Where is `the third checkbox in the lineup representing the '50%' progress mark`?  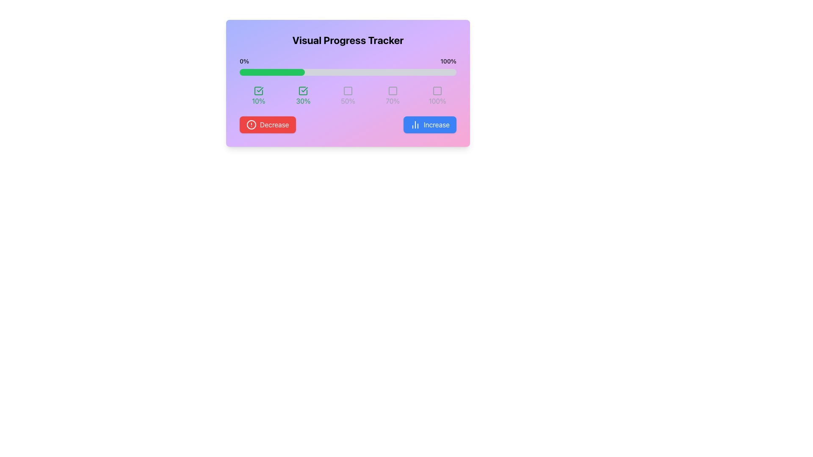
the third checkbox in the lineup representing the '50%' progress mark is located at coordinates (348, 91).